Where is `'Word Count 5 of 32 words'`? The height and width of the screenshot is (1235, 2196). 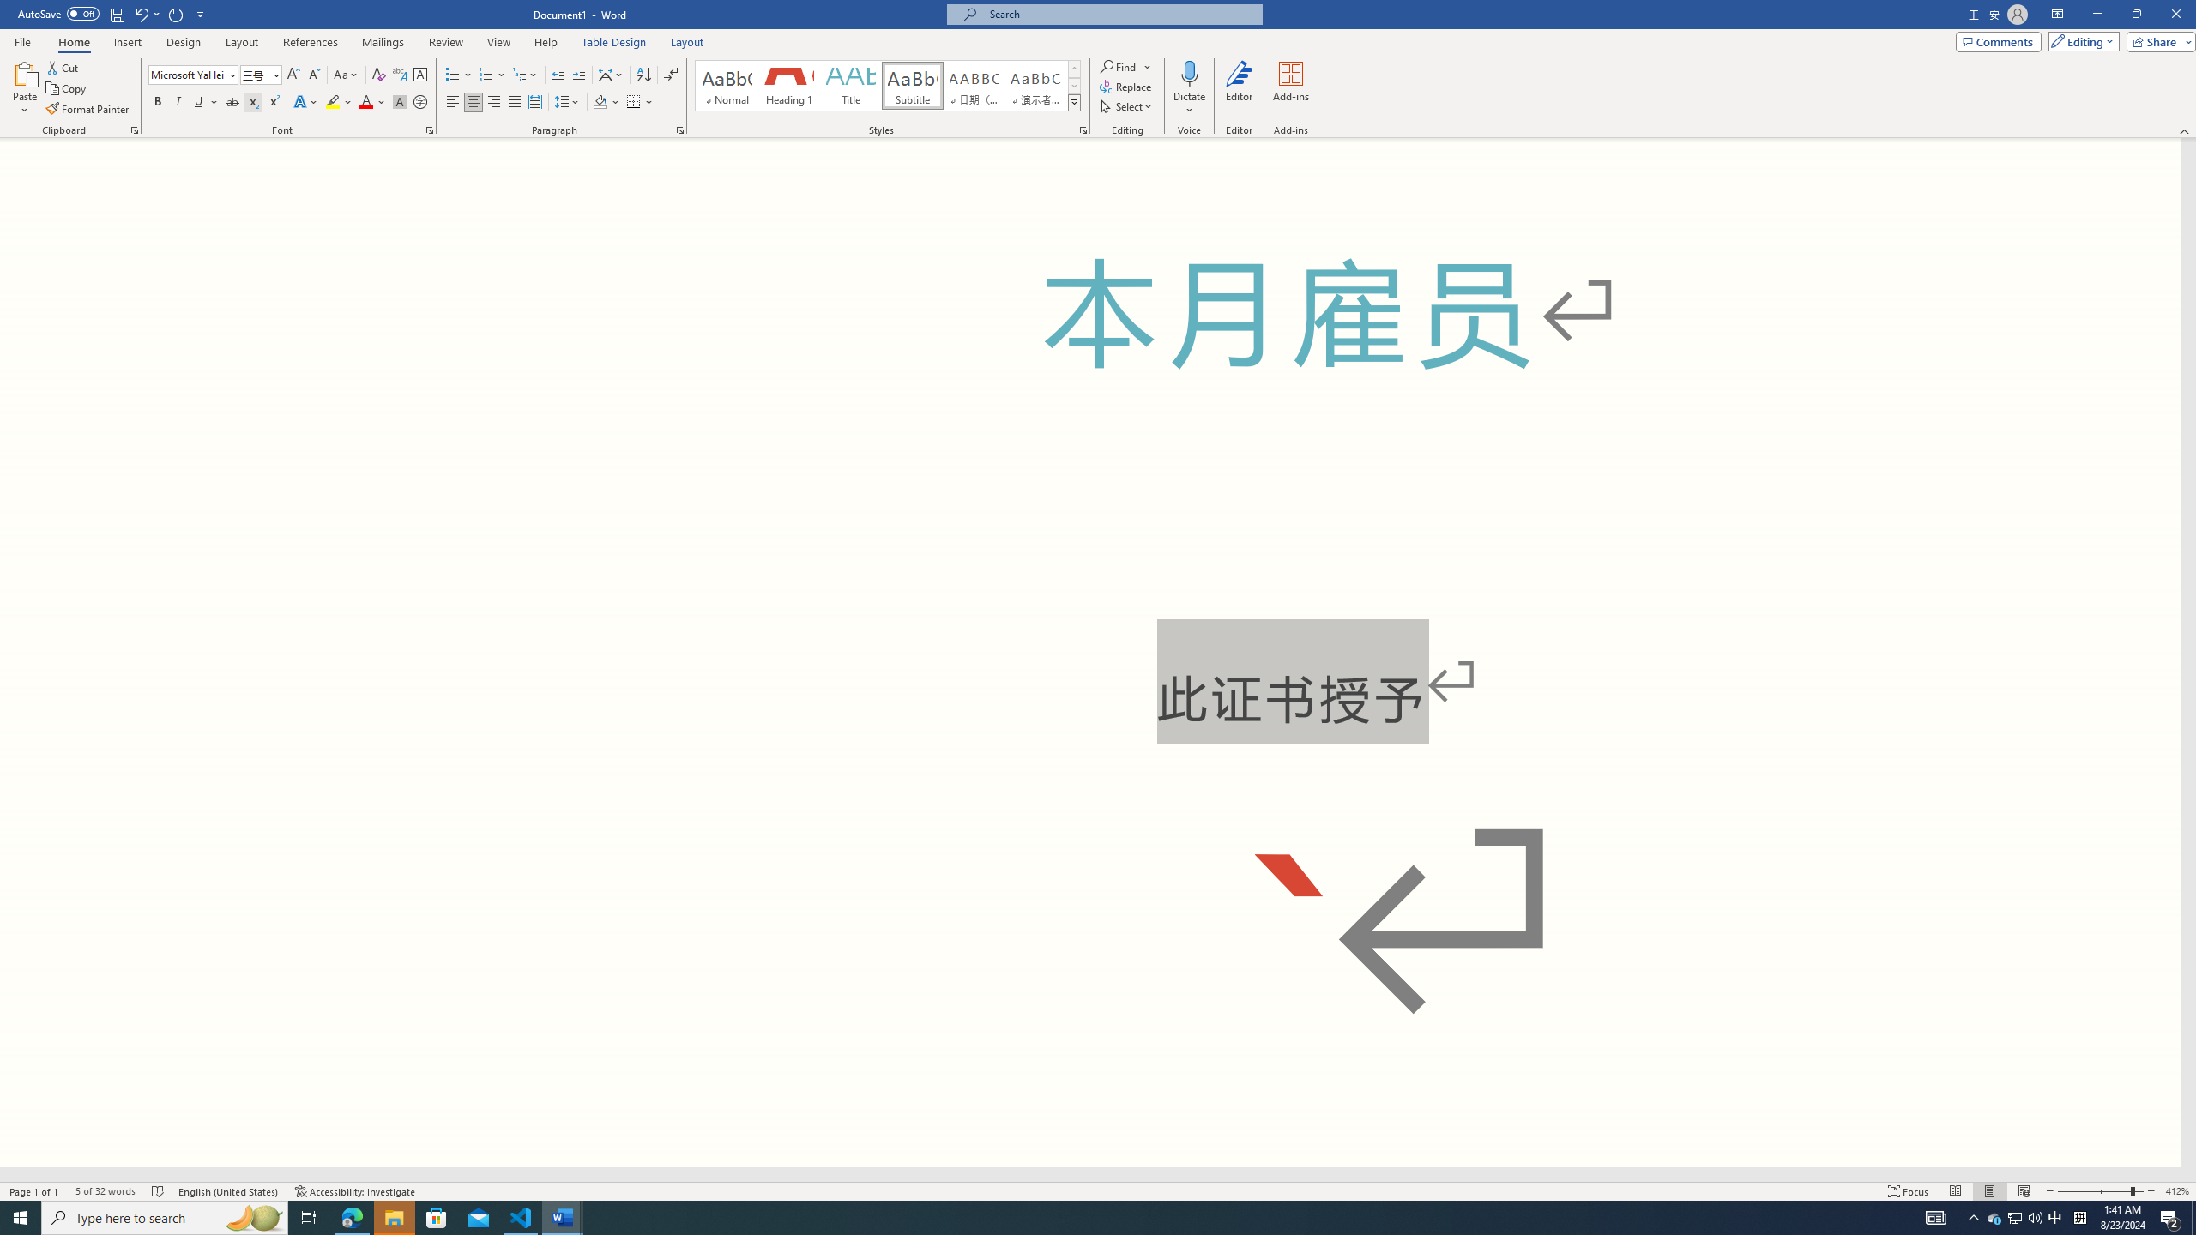 'Word Count 5 of 32 words' is located at coordinates (105, 1191).